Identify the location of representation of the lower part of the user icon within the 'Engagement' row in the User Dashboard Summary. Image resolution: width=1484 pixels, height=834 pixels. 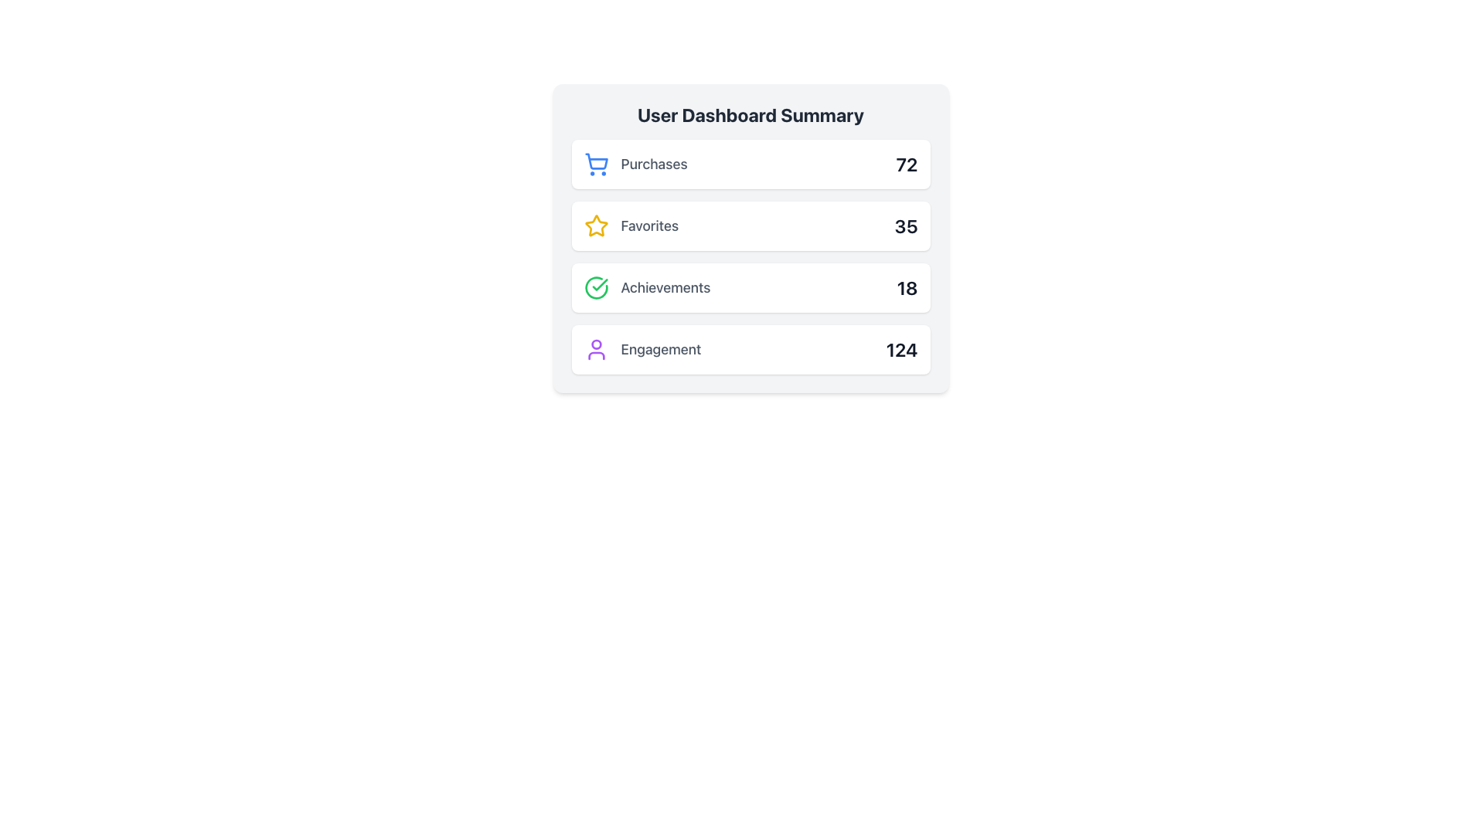
(595, 356).